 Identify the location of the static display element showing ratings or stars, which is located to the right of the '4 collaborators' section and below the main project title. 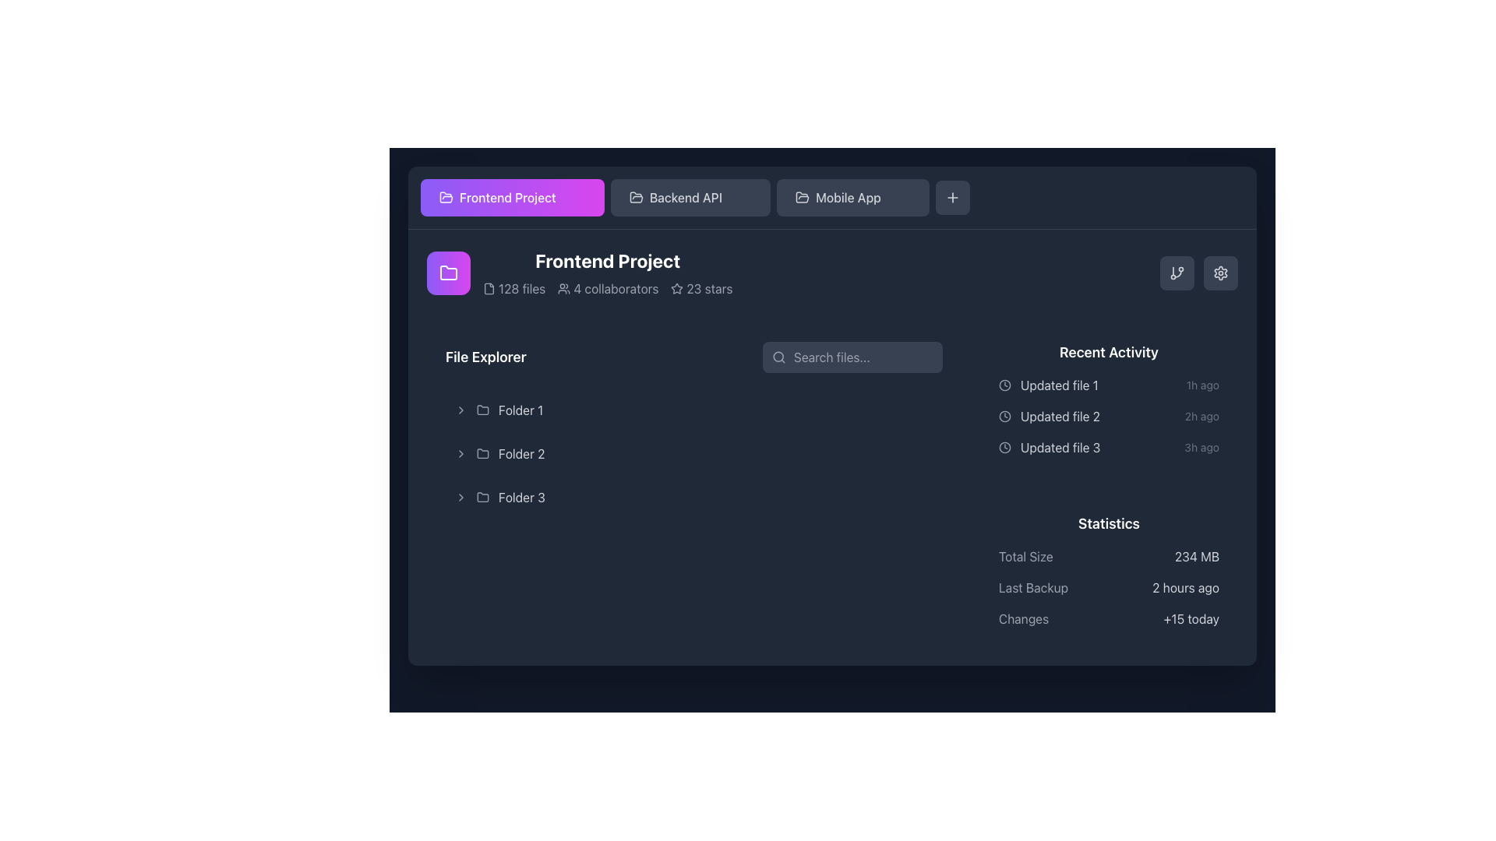
(700, 288).